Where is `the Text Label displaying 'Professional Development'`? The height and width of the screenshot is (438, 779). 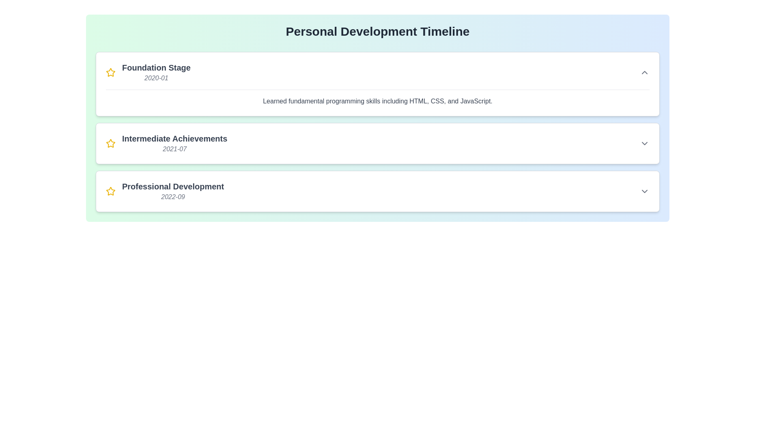 the Text Label displaying 'Professional Development' is located at coordinates (172, 186).